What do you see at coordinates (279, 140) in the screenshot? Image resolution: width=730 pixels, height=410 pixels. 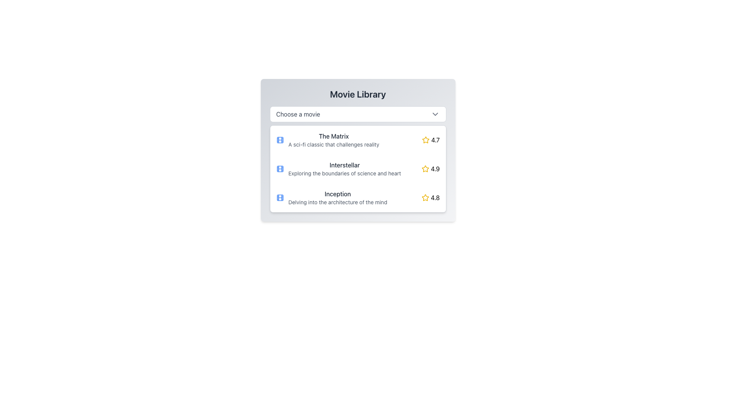 I see `the decorative film strip icon located at the top-left corner of the first movie item in a vertical list` at bounding box center [279, 140].